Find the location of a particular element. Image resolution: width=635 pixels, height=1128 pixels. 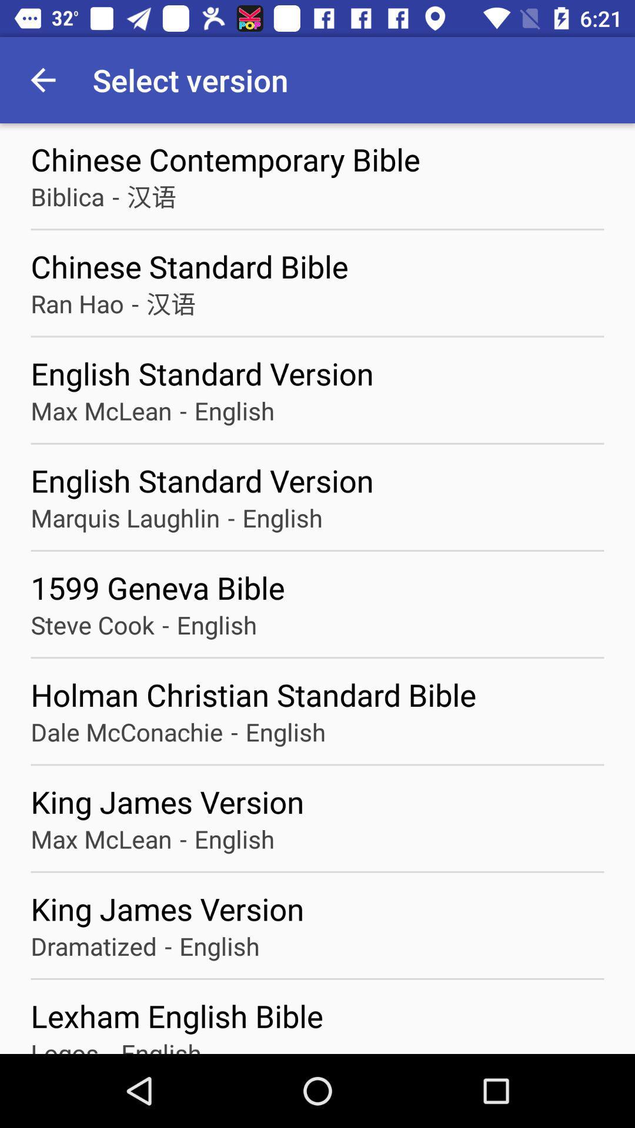

item below lexham english bible item is located at coordinates (65, 1045).